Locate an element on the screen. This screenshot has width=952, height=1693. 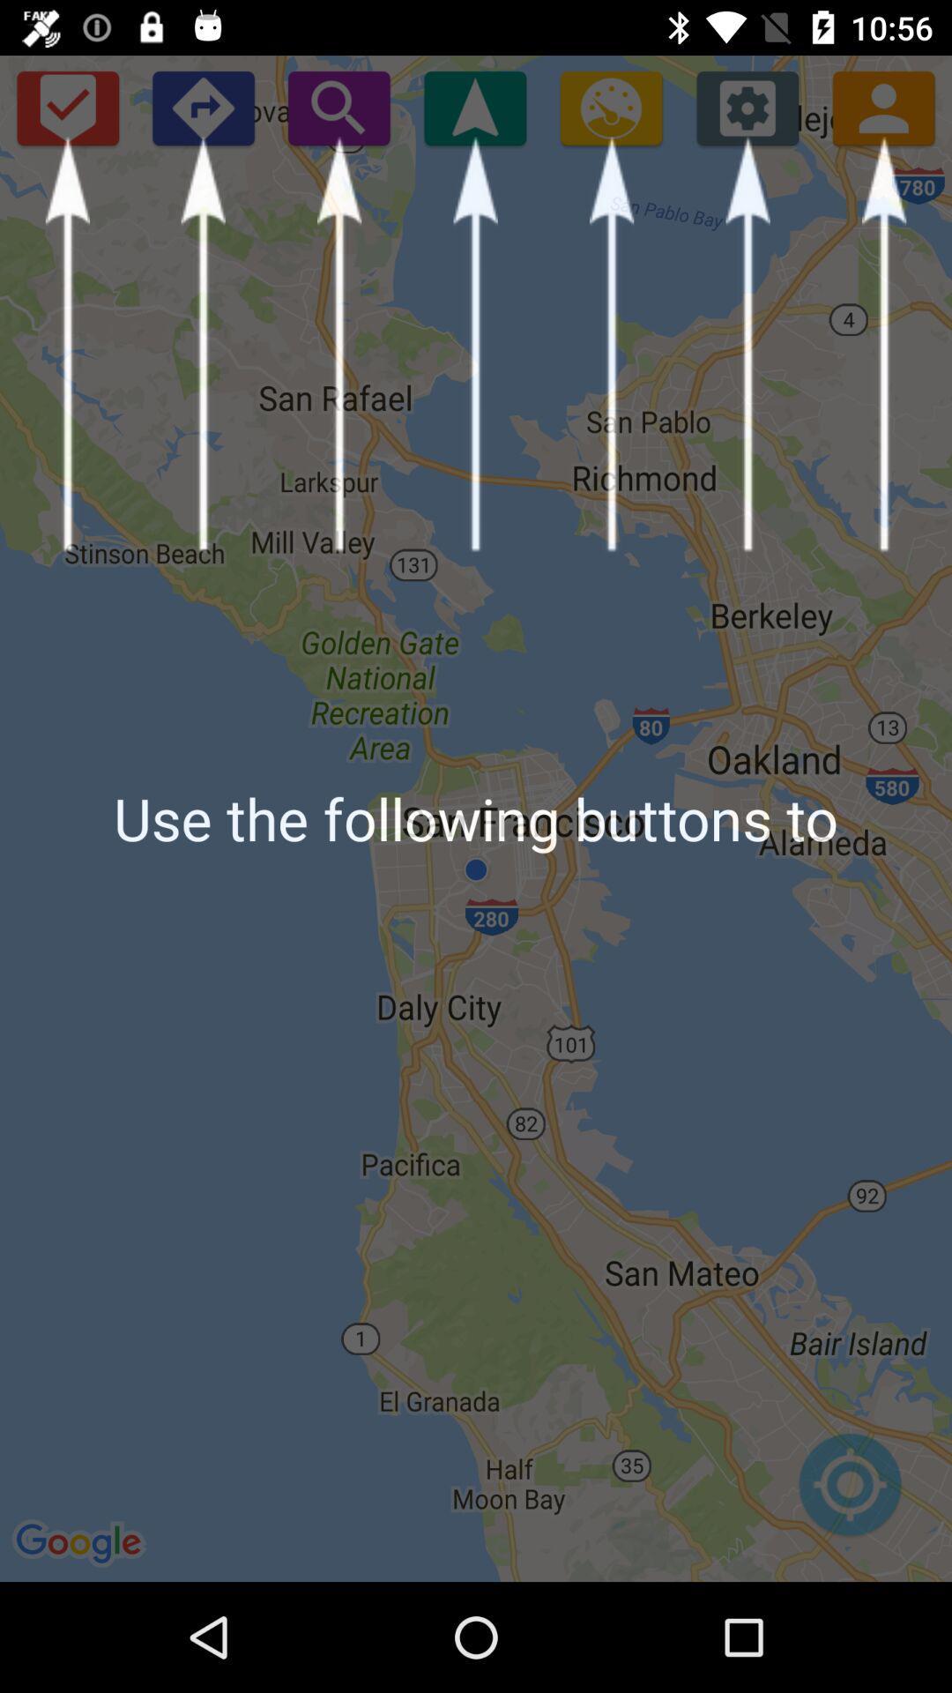
search is located at coordinates (338, 107).